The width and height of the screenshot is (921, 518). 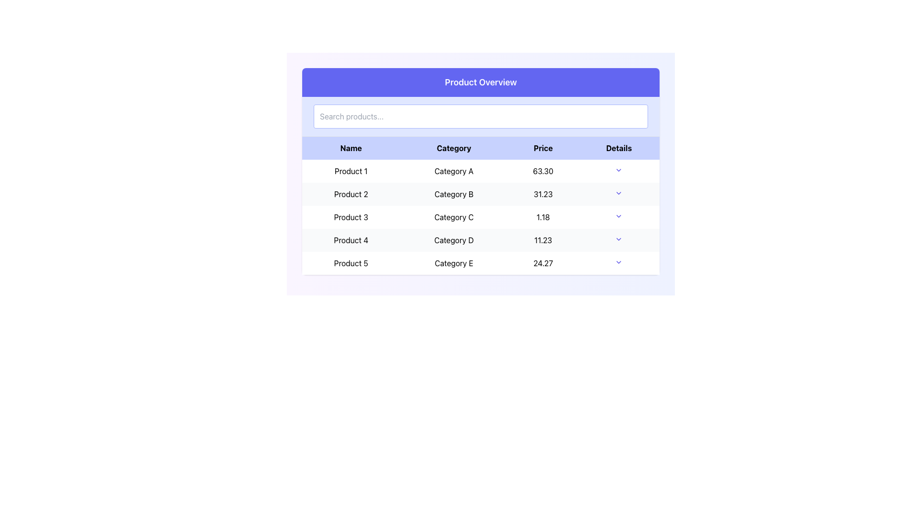 What do you see at coordinates (543, 171) in the screenshot?
I see `the text label displaying the price '63.30' in bold black font on the 'Product Overview' page, located in the first row under the 'Price' column` at bounding box center [543, 171].